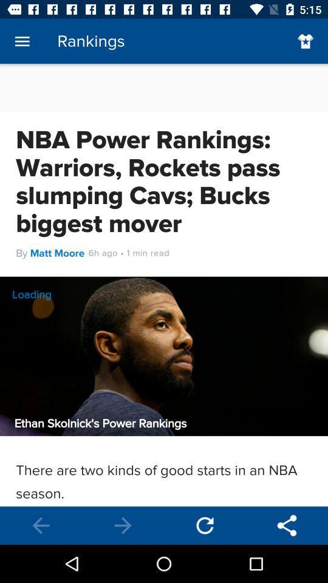 Image resolution: width=328 pixels, height=583 pixels. Describe the element at coordinates (287, 525) in the screenshot. I see `the share icon` at that location.